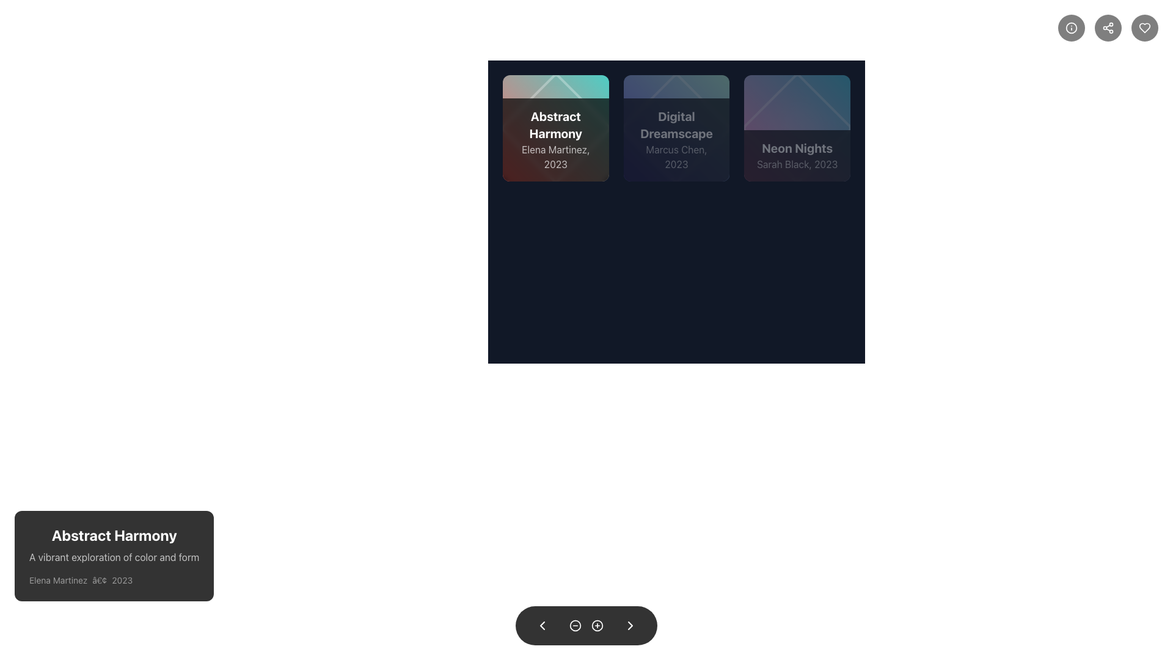 This screenshot has height=660, width=1173. Describe the element at coordinates (1144, 28) in the screenshot. I see `the heart-shaped icon located in the top-right corner of the interface to favorite or like an item` at that location.